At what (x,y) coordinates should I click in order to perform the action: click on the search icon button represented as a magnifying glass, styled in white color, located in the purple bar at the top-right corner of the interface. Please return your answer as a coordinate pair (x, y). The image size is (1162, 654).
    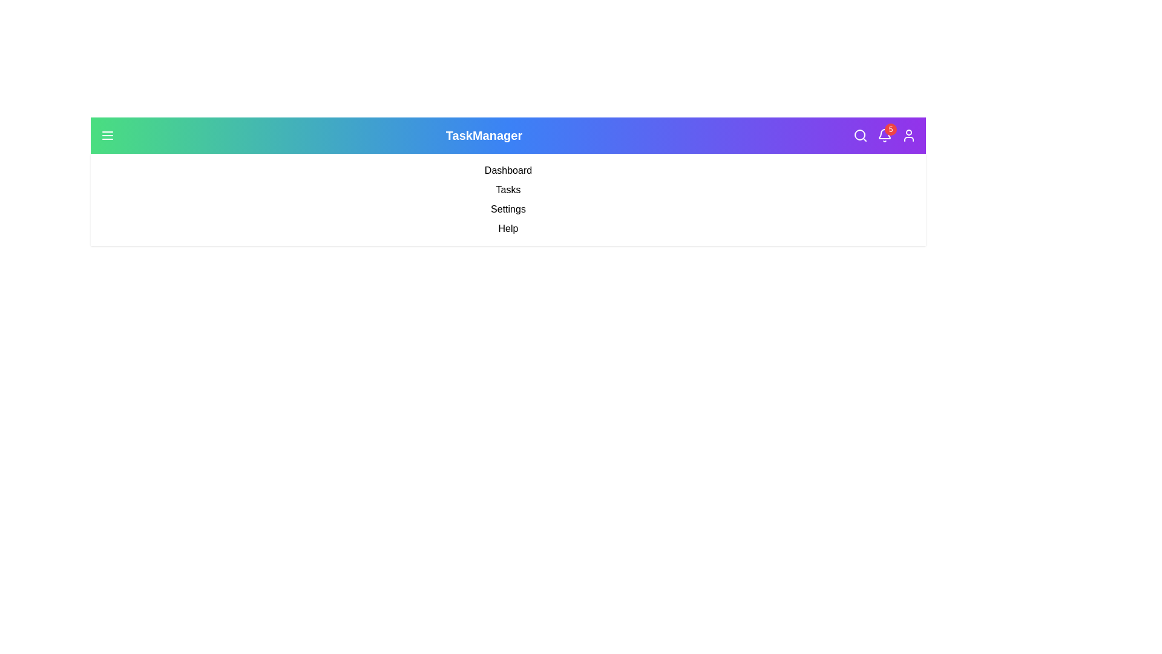
    Looking at the image, I should click on (859, 135).